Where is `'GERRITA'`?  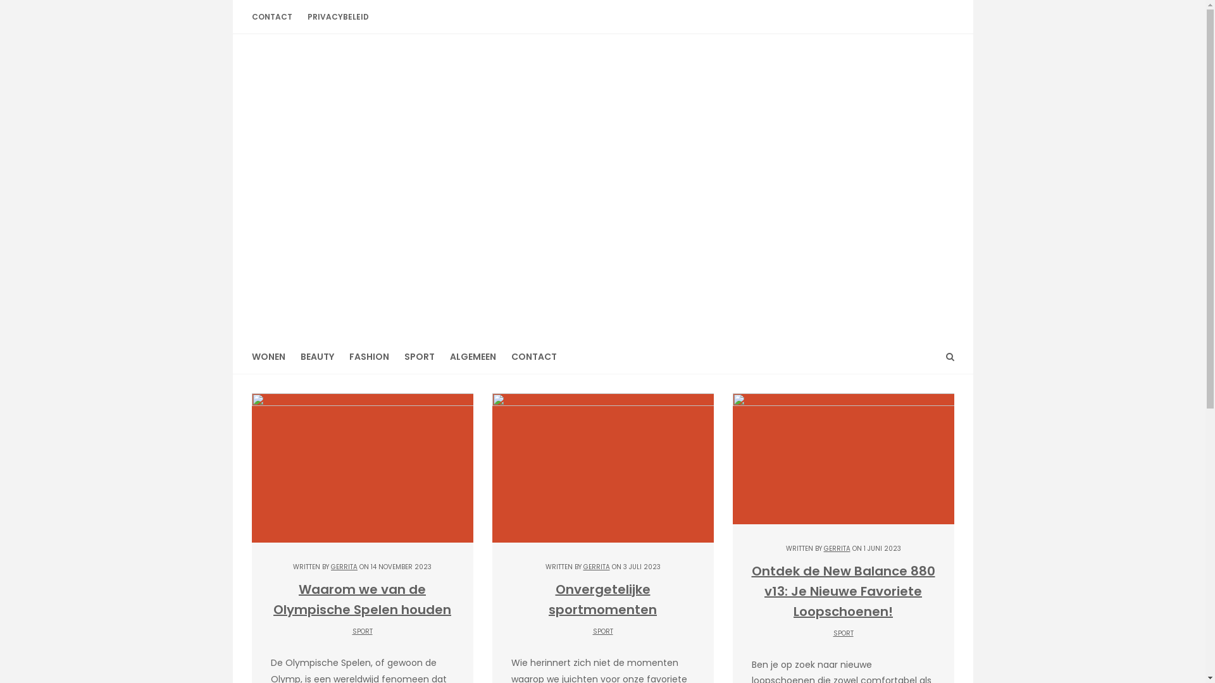
'GERRITA' is located at coordinates (595, 566).